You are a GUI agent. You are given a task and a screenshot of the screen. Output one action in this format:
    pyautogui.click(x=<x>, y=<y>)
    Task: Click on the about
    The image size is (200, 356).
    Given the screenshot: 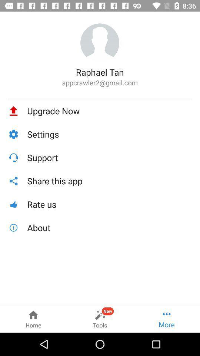 What is the action you would take?
    pyautogui.click(x=109, y=227)
    